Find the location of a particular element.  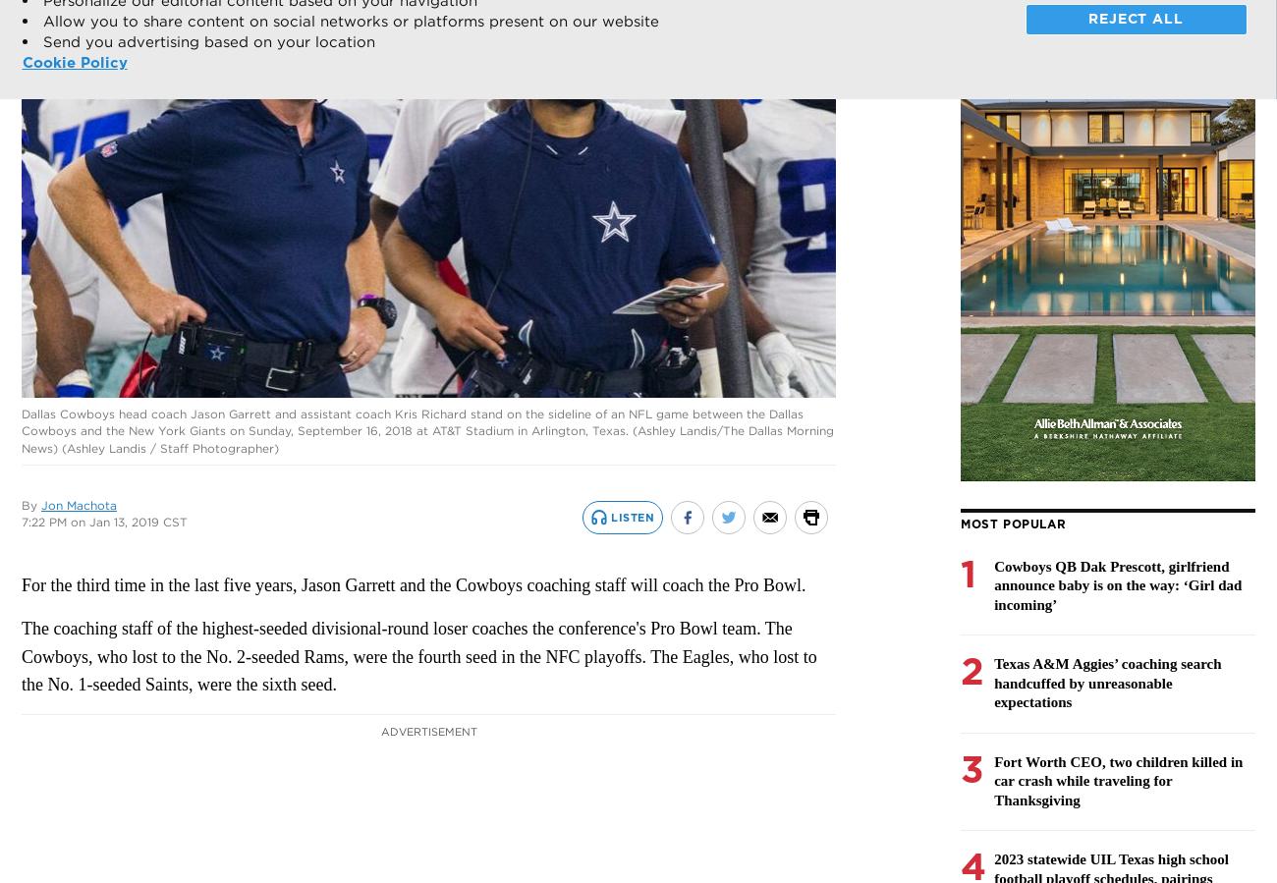

'Fort Worth CEO, two children killed in car crash while traveling for Thanksgiving' is located at coordinates (1118, 780).